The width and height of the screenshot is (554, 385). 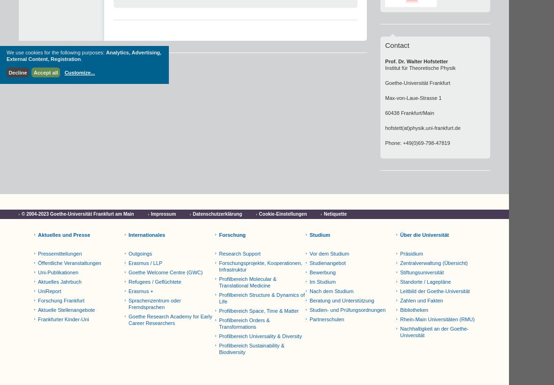 What do you see at coordinates (411, 254) in the screenshot?
I see `'Präsidium'` at bounding box center [411, 254].